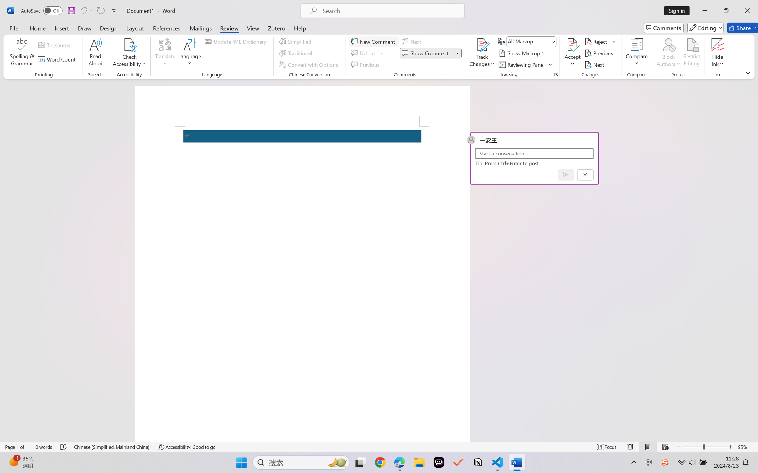  I want to click on 'Show Comments', so click(427, 53).